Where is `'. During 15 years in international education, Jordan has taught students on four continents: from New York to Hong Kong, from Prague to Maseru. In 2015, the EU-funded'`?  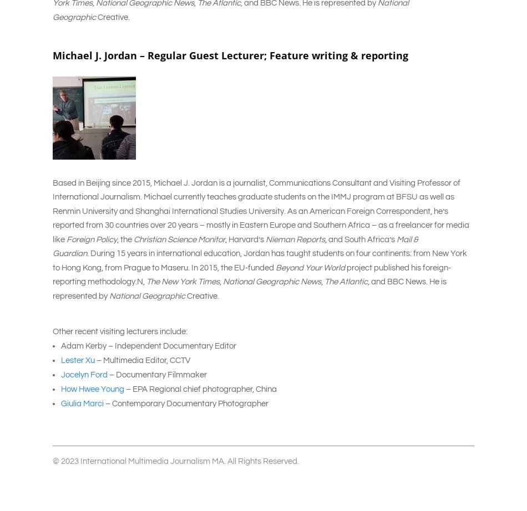
'. During 15 years in international education, Jordan has taught students on four continents: from New York to Hong Kong, from Prague to Maseru. In 2015, the EU-funded' is located at coordinates (259, 260).